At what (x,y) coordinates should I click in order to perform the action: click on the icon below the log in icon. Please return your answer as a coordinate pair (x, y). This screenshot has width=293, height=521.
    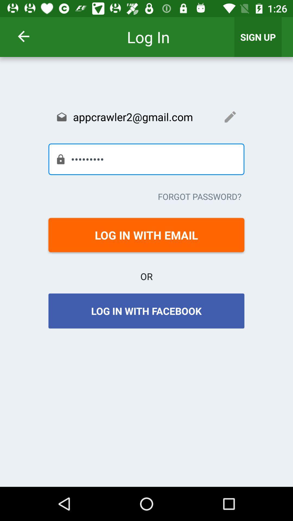
    Looking at the image, I should click on (146, 116).